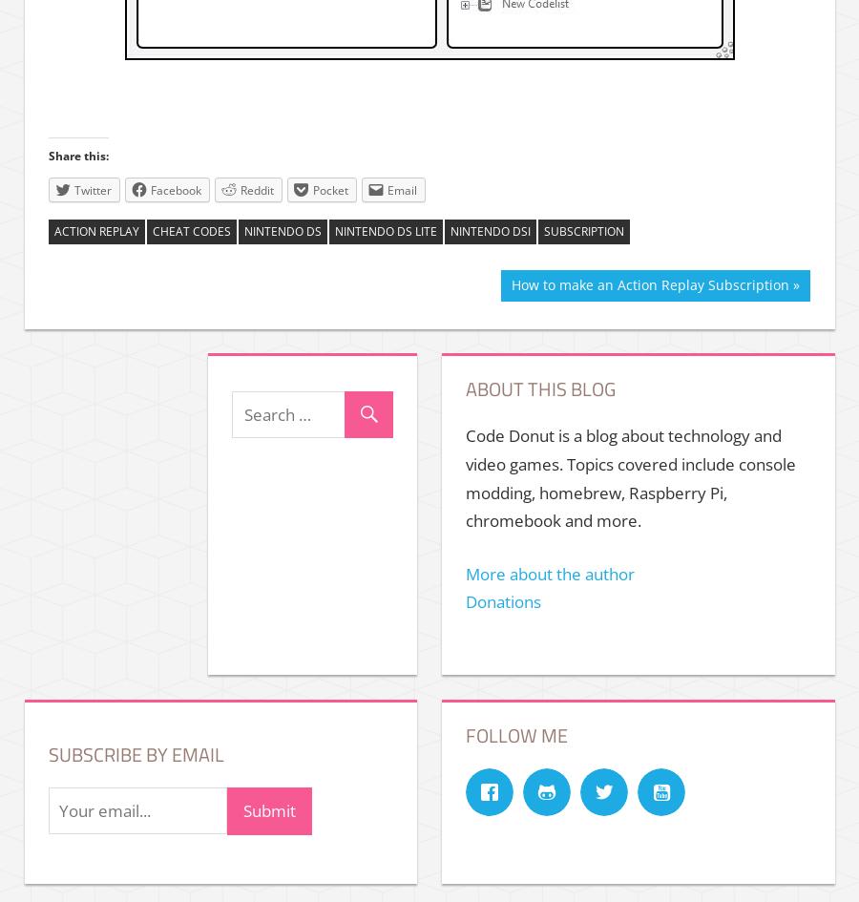  What do you see at coordinates (653, 284) in the screenshot?
I see `'How to make an Action Replay Subscription »'` at bounding box center [653, 284].